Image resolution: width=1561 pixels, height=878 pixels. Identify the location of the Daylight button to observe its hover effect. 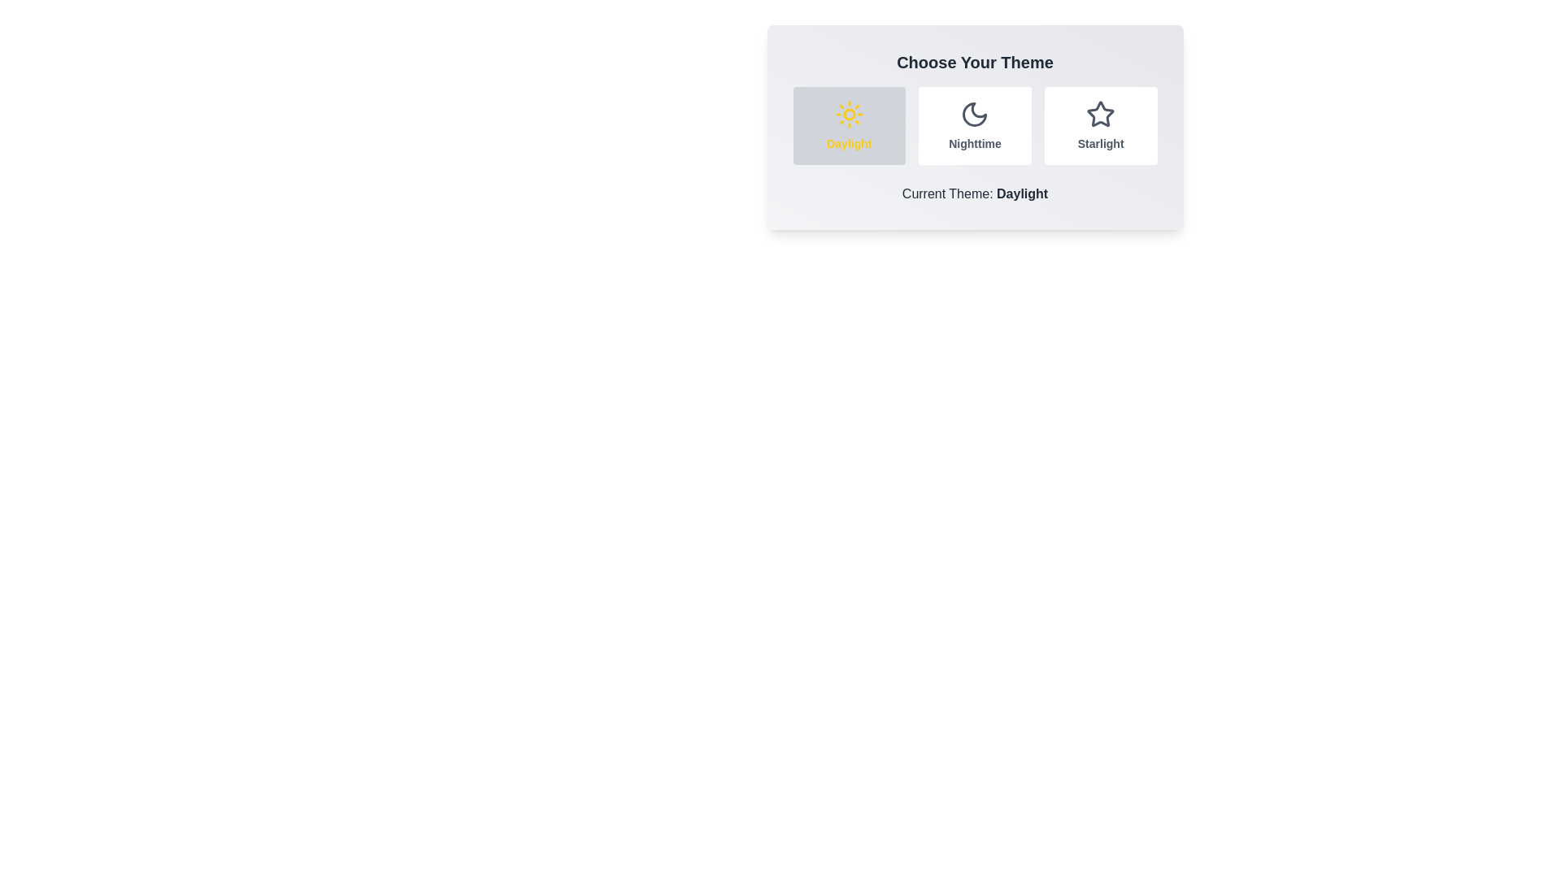
(848, 124).